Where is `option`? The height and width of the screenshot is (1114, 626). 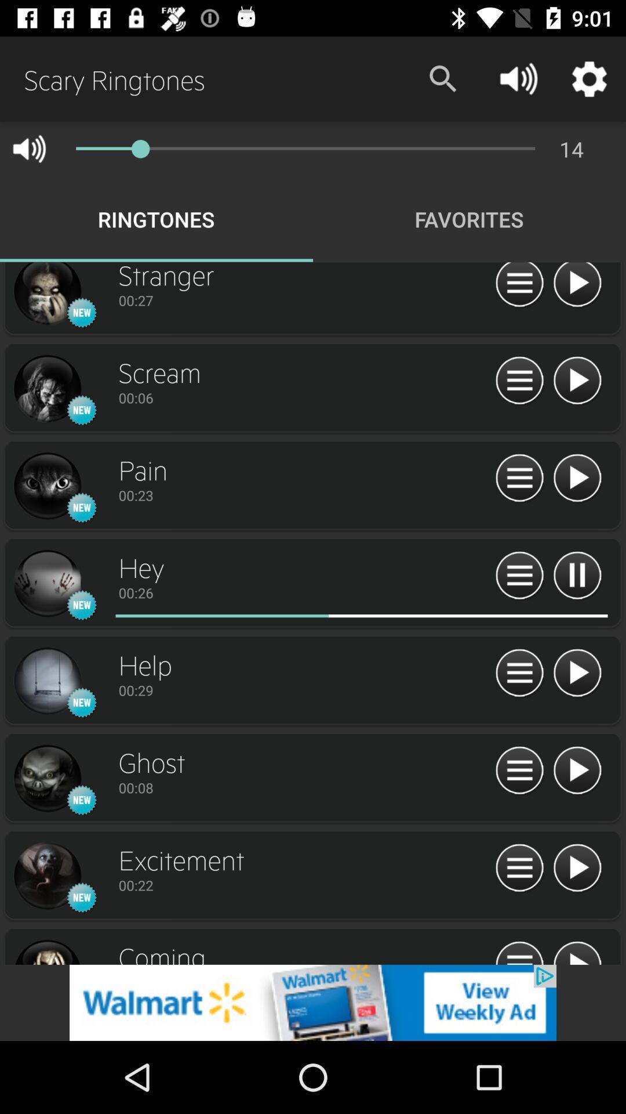 option is located at coordinates (577, 479).